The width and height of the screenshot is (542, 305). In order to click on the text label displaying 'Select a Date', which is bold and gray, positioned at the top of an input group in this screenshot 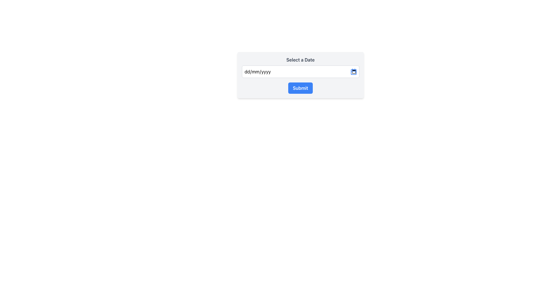, I will do `click(300, 60)`.